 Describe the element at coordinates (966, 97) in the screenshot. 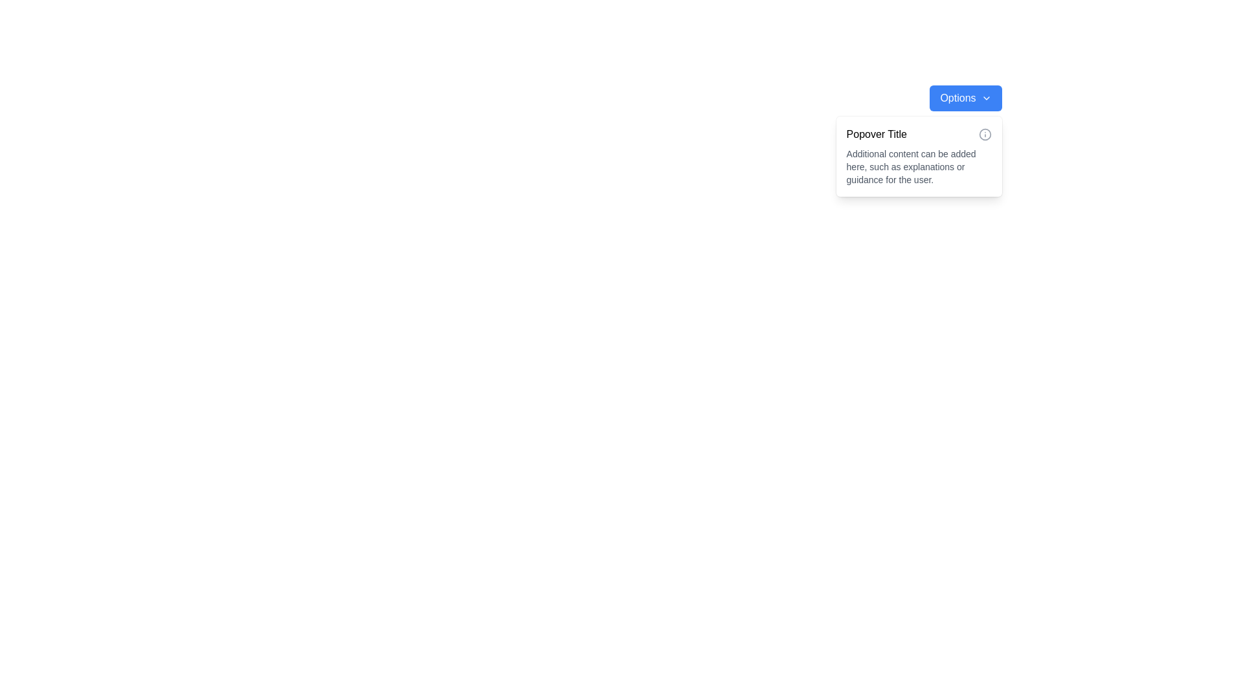

I see `the blue button labeled 'Options' with a downward-pointing chevron icon` at that location.